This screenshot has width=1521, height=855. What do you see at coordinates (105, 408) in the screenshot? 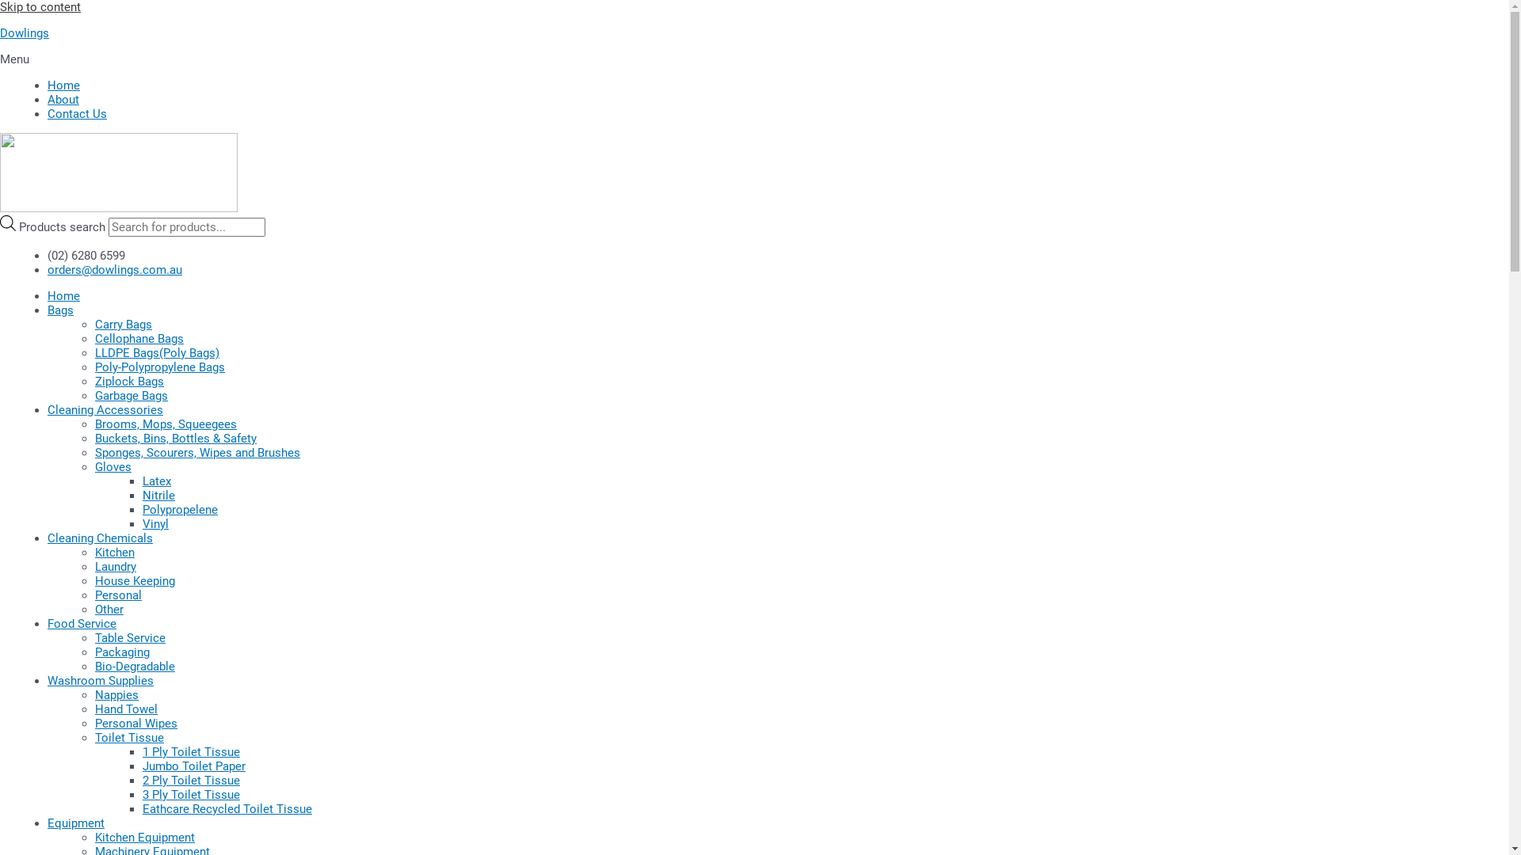
I see `'Cleaning Accessories'` at bounding box center [105, 408].